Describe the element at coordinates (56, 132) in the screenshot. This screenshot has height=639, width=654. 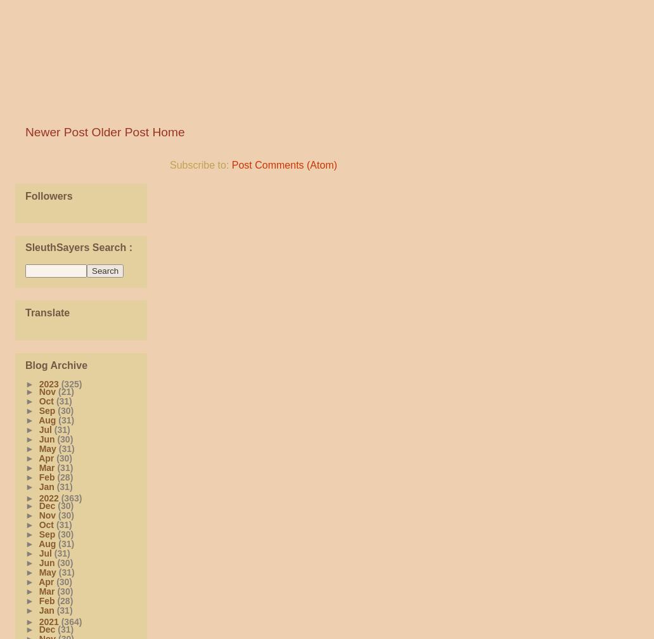
I see `'Newer Post'` at that location.